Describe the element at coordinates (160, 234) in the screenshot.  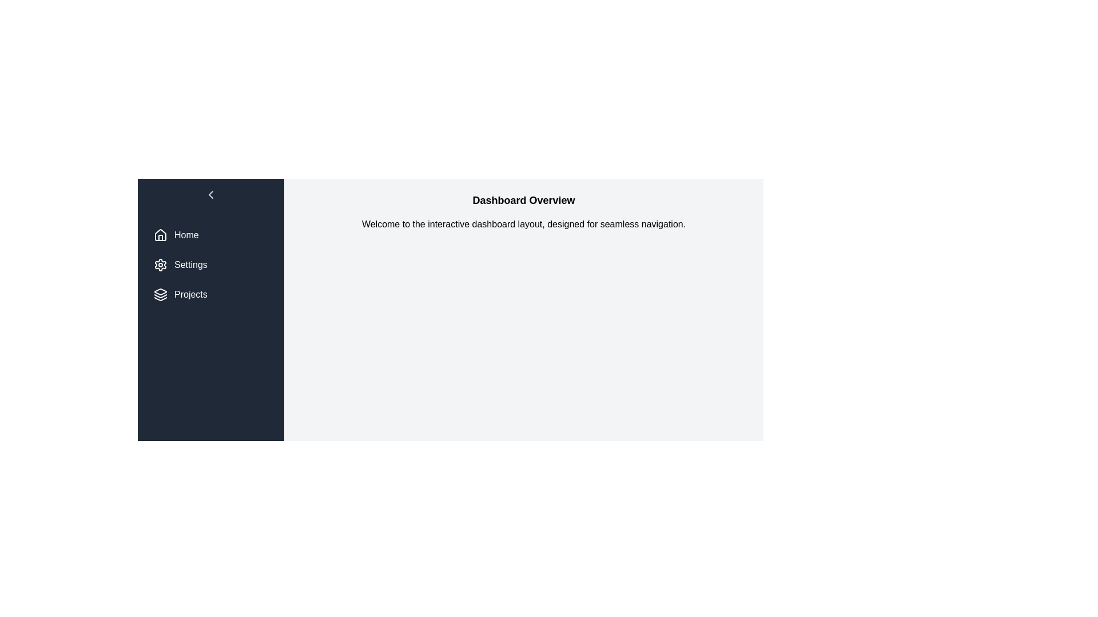
I see `the 'Home' icon in the vertical navigation bar on the left side of the interface, which is positioned above 'Settings' and 'Projects'` at that location.